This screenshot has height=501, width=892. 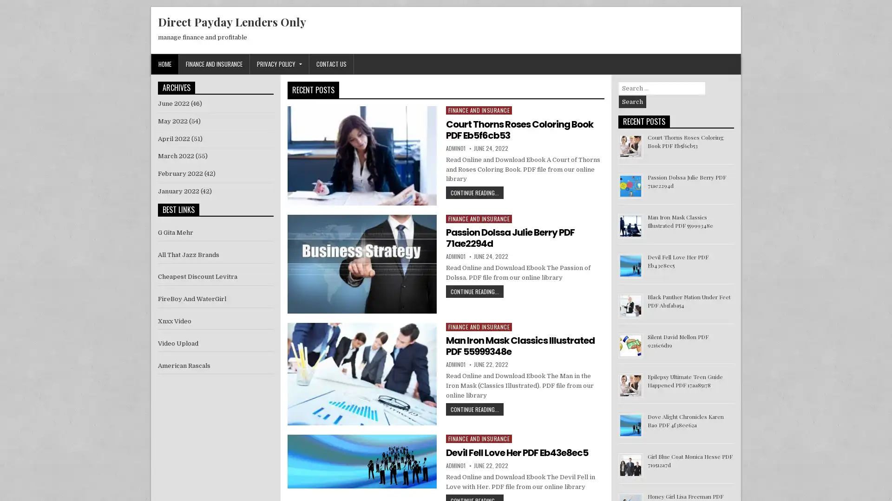 I want to click on Search, so click(x=632, y=102).